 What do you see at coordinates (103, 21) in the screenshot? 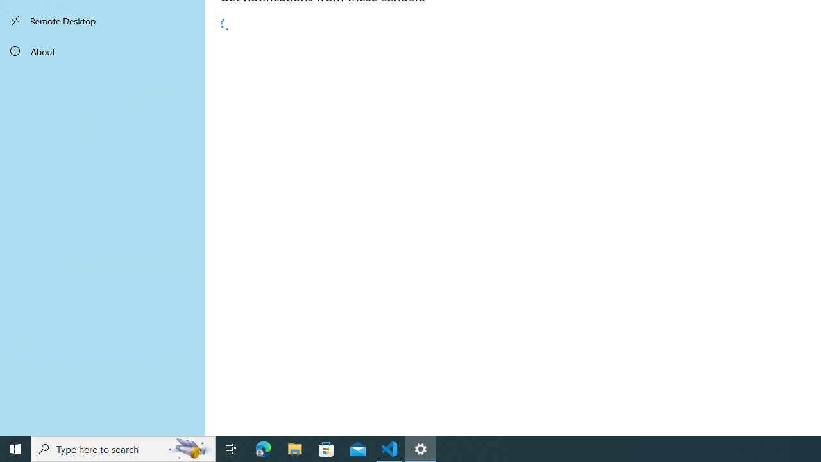
I see `'Remote Desktop'` at bounding box center [103, 21].